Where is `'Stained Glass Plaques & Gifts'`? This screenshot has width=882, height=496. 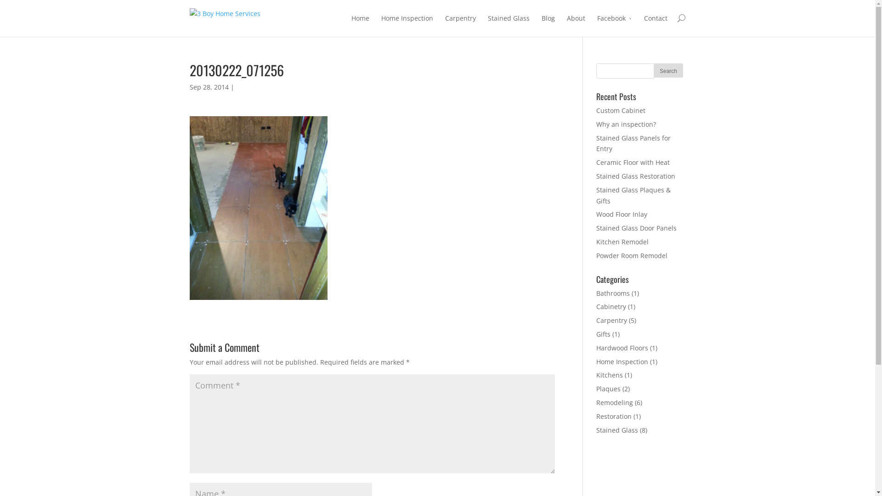 'Stained Glass Plaques & Gifts' is located at coordinates (633, 195).